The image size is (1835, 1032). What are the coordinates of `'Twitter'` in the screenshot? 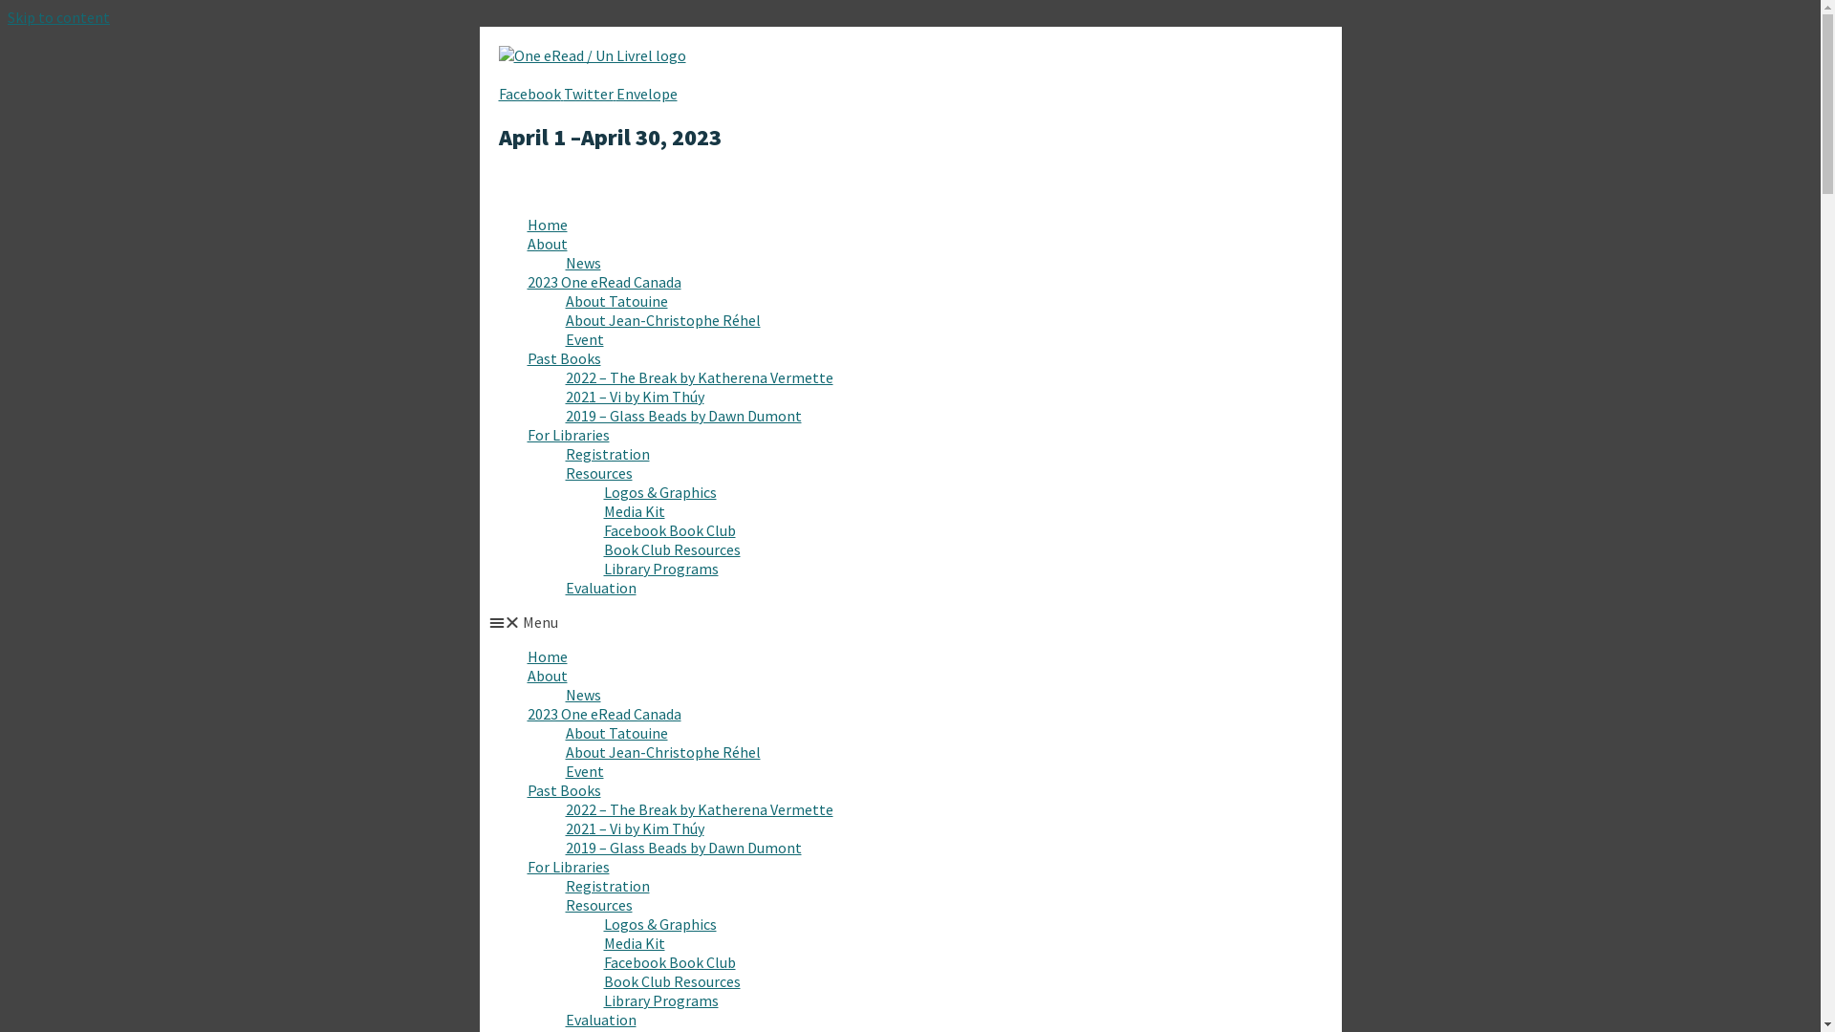 It's located at (563, 93).